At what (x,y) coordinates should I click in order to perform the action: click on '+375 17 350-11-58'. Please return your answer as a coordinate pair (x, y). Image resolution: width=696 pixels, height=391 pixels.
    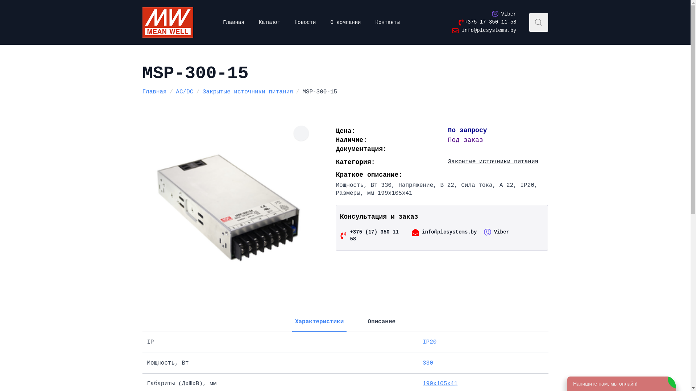
    Looking at the image, I should click on (486, 22).